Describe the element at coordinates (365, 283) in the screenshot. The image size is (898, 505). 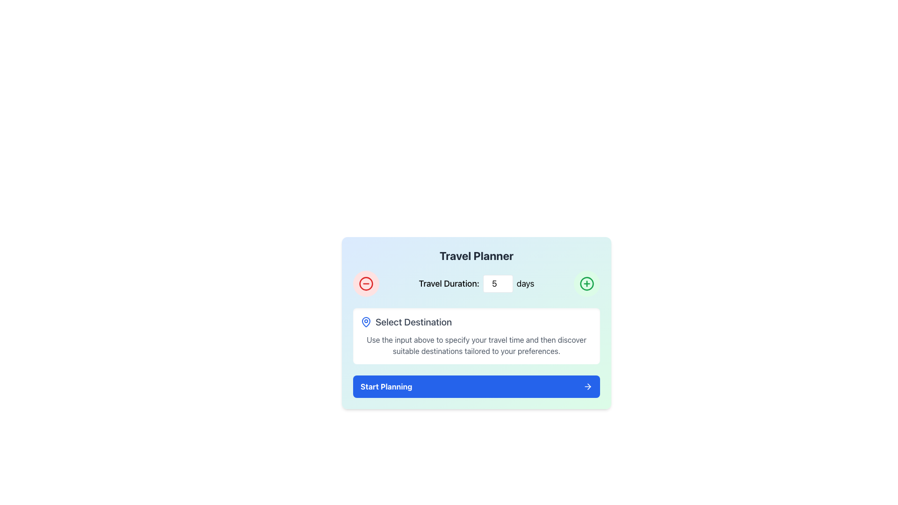
I see `the circular button to the left of the 'Travel Duration:' input field in the 'Travel Planner' card interface to decrement the value` at that location.